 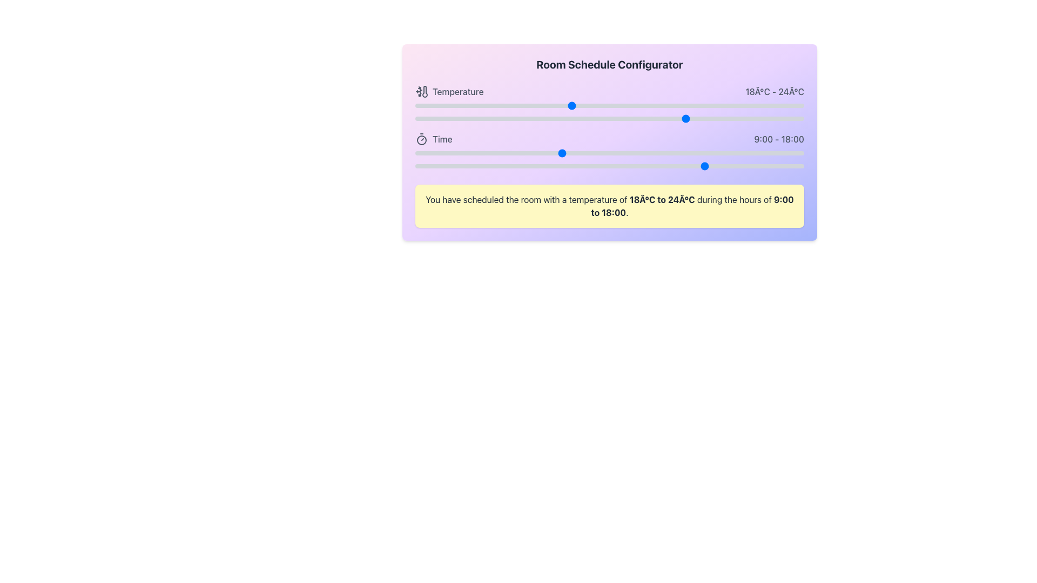 What do you see at coordinates (495, 153) in the screenshot?
I see `the time` at bounding box center [495, 153].